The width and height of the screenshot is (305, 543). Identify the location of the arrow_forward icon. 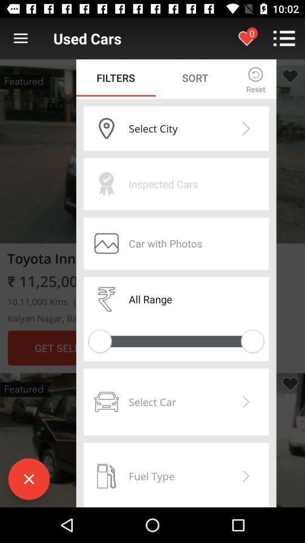
(245, 128).